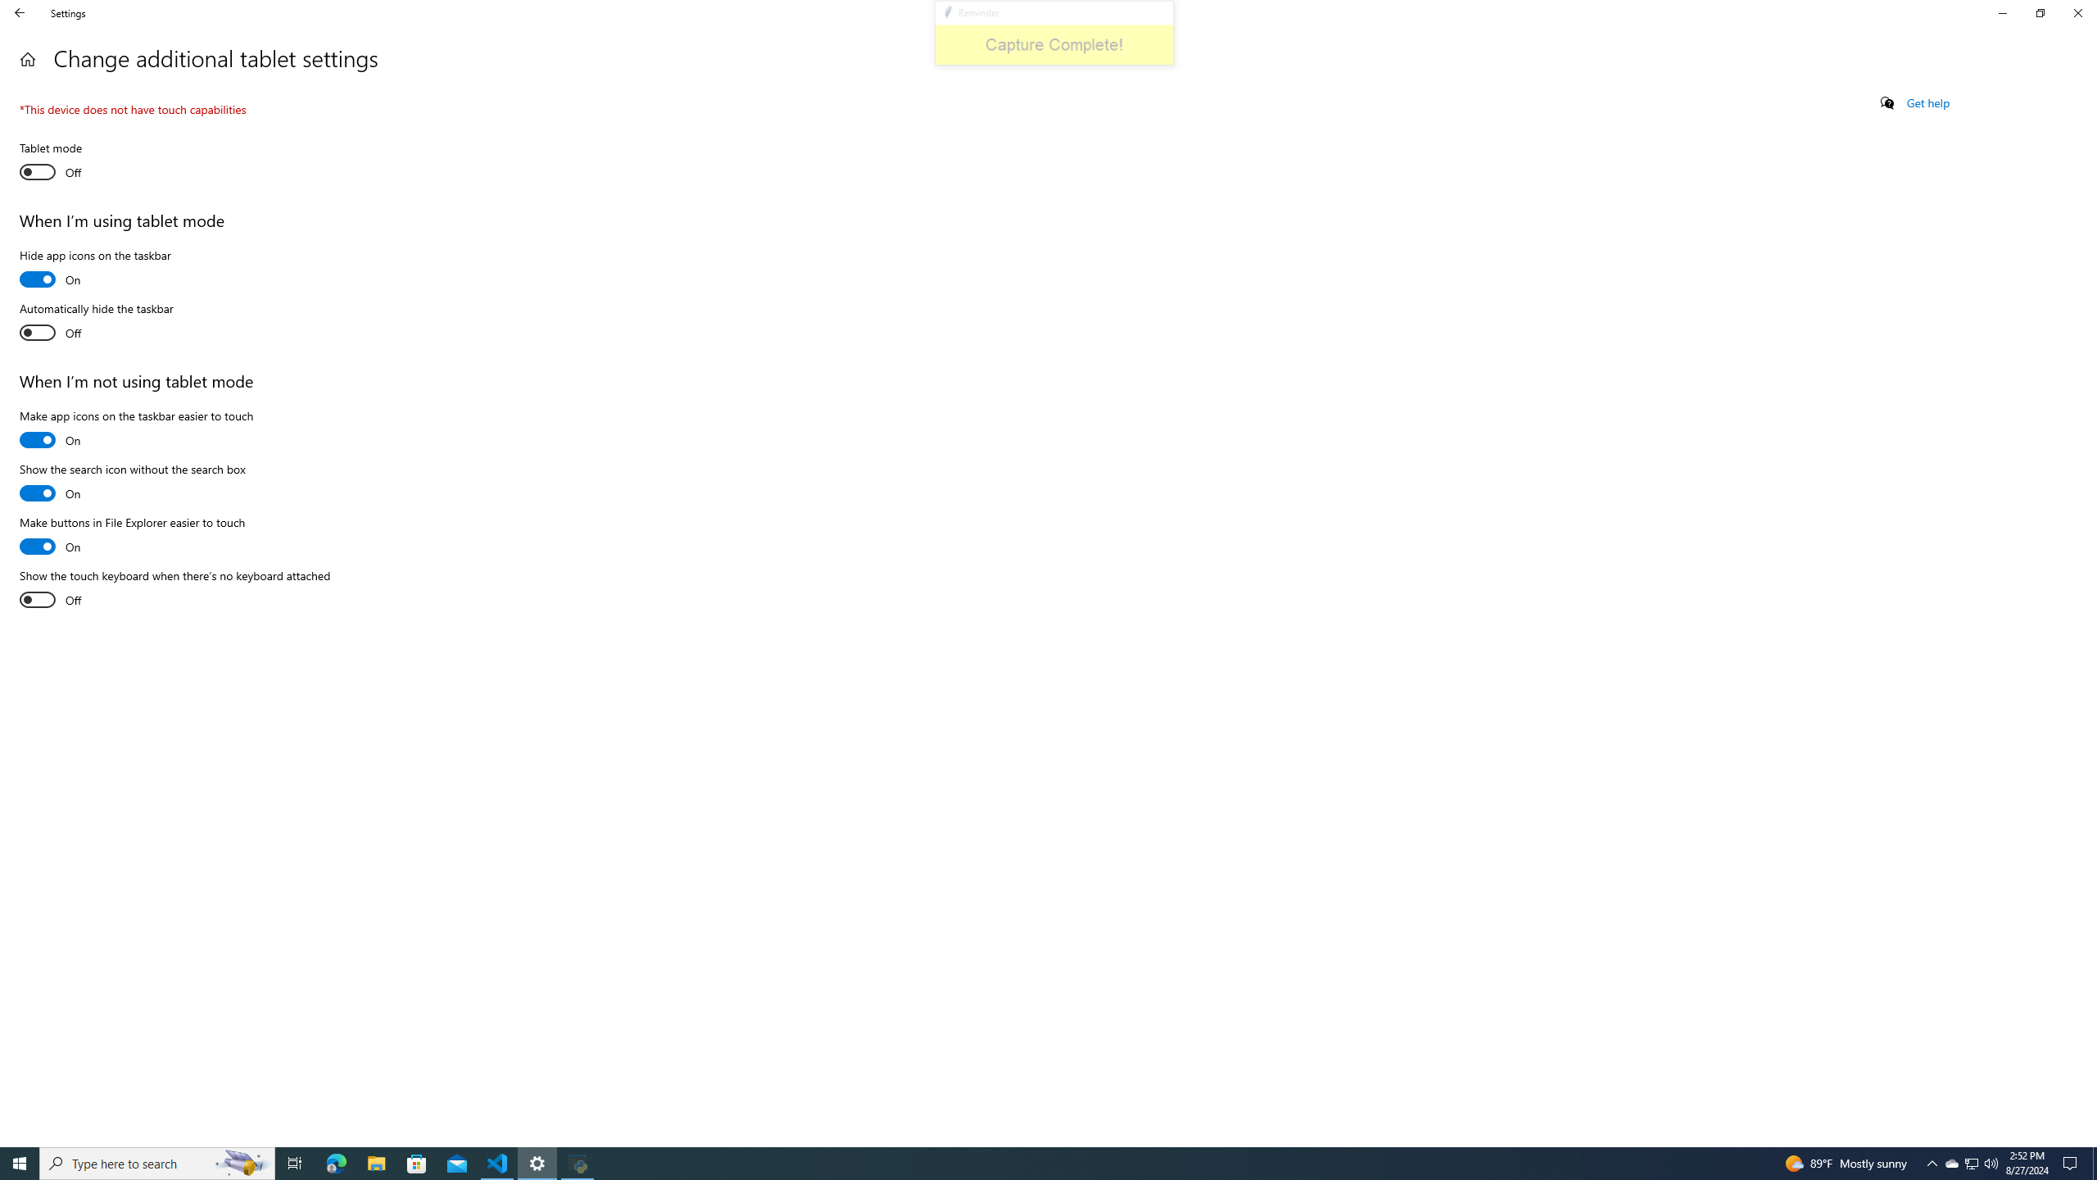  What do you see at coordinates (131, 483) in the screenshot?
I see `'Show the search icon without the search box'` at bounding box center [131, 483].